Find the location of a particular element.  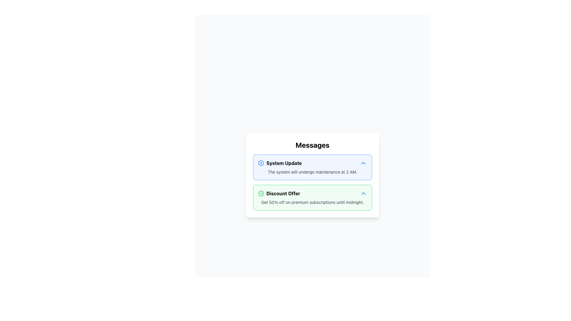

text content of the static text element displaying 'Messages', which is located at the top of a card-like interface is located at coordinates (312, 145).